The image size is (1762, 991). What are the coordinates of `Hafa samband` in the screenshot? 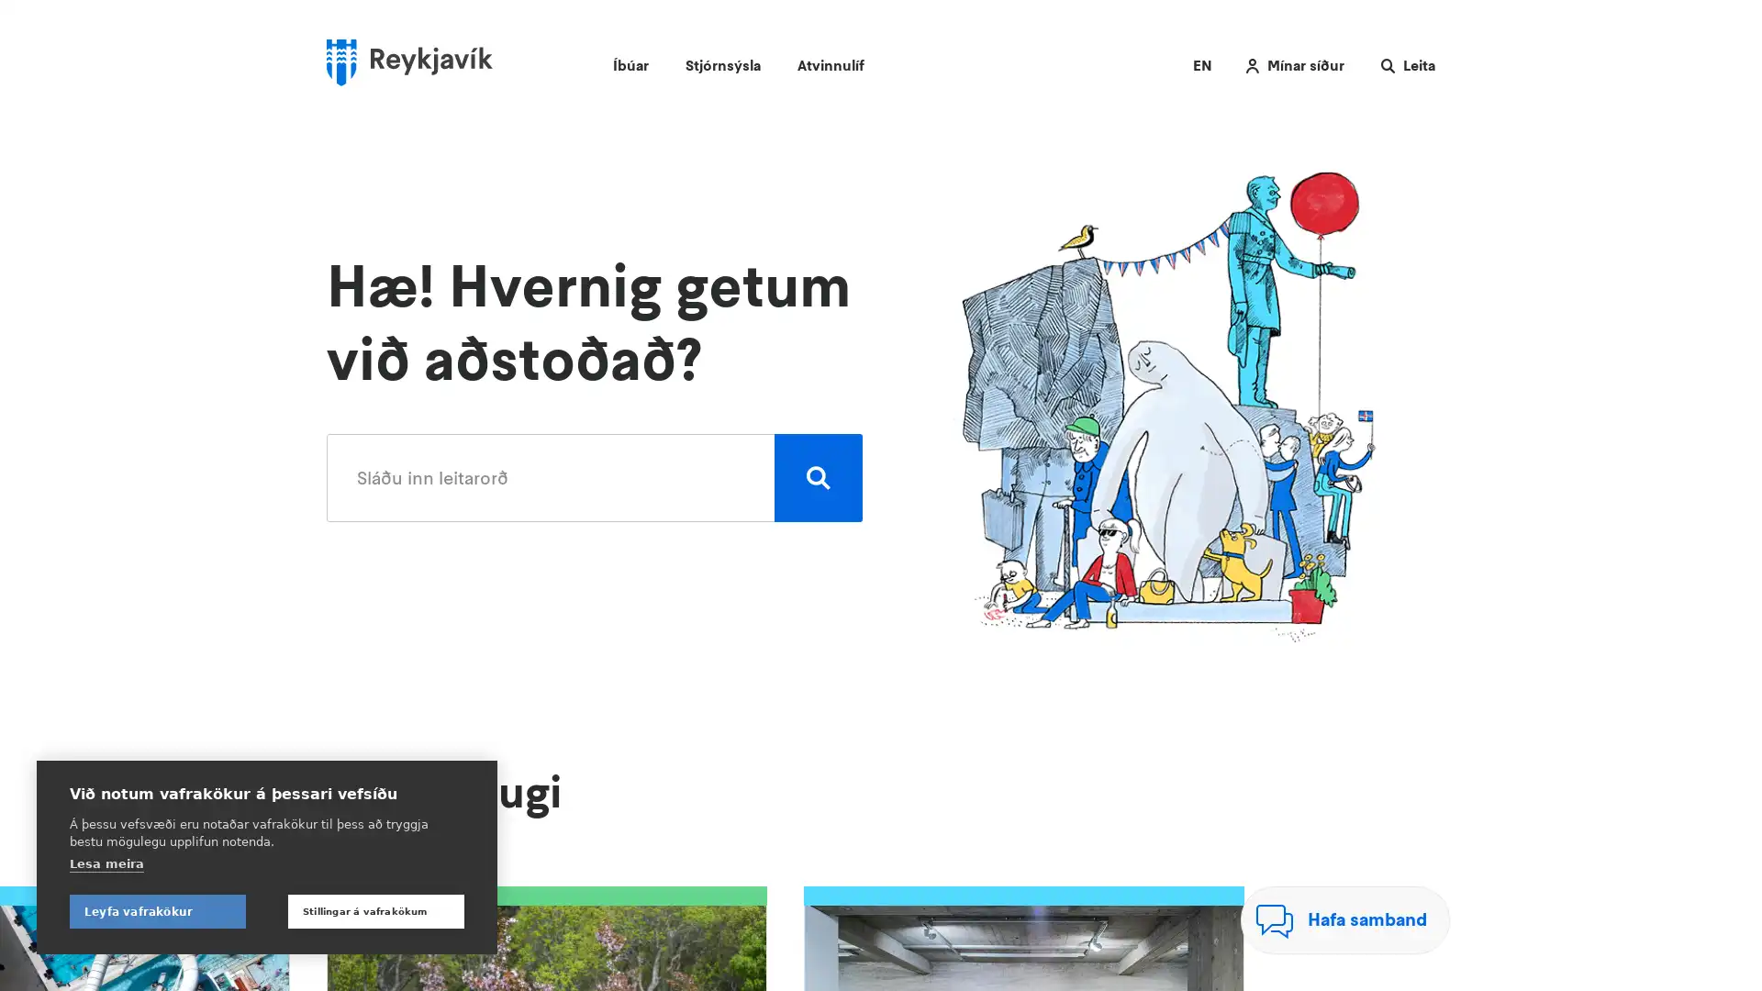 It's located at (1344, 919).